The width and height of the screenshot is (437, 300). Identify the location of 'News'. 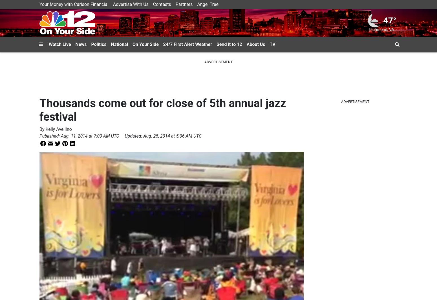
(81, 44).